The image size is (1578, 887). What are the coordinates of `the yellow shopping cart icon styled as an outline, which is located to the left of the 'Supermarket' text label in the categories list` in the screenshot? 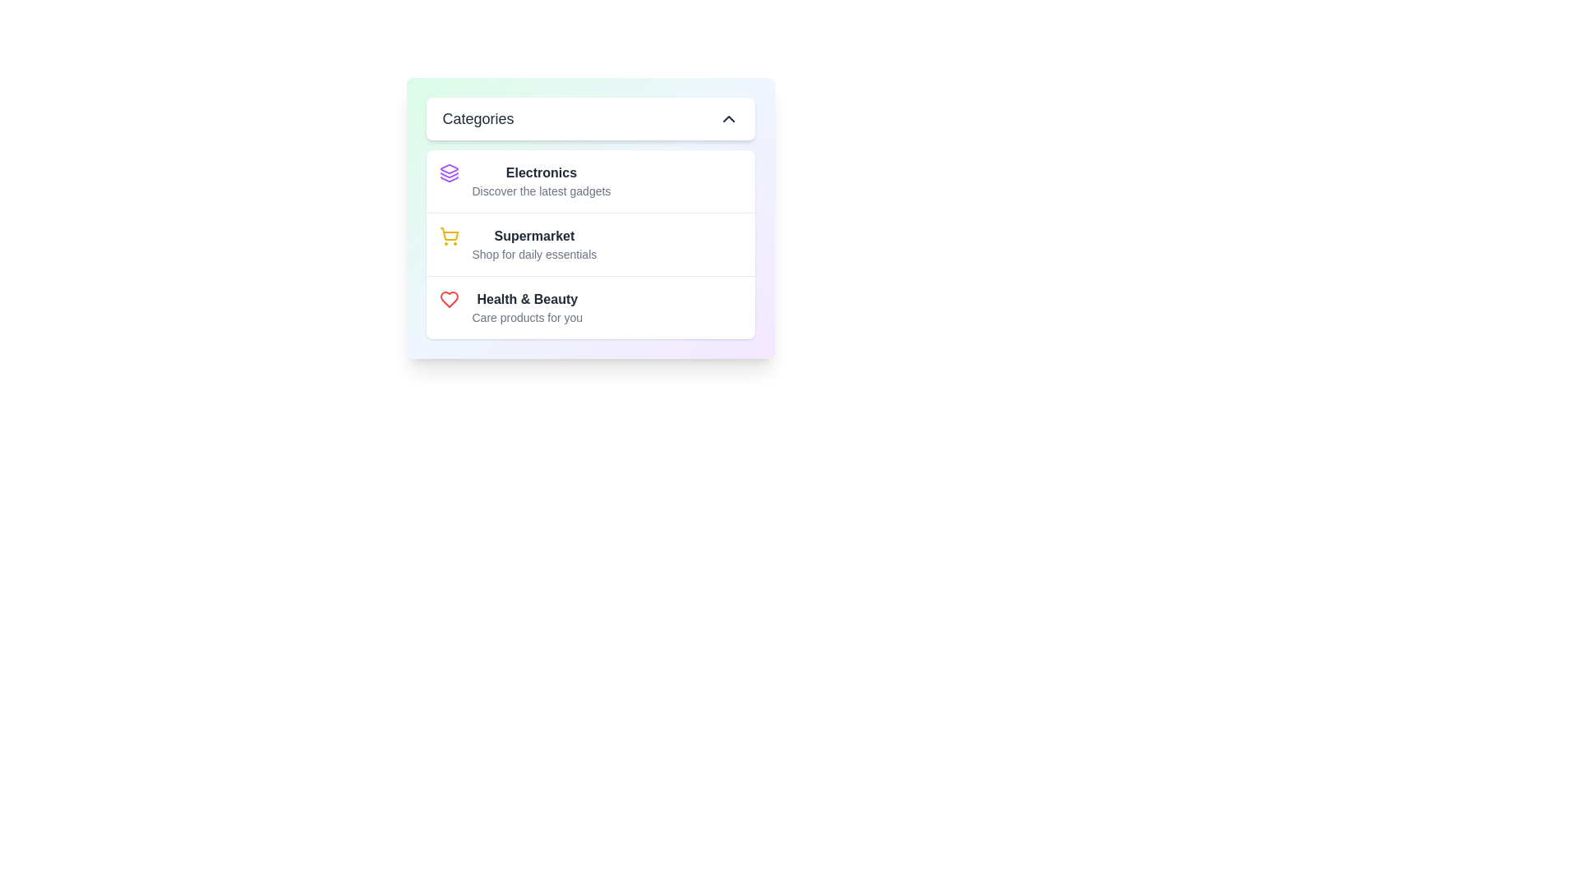 It's located at (449, 237).